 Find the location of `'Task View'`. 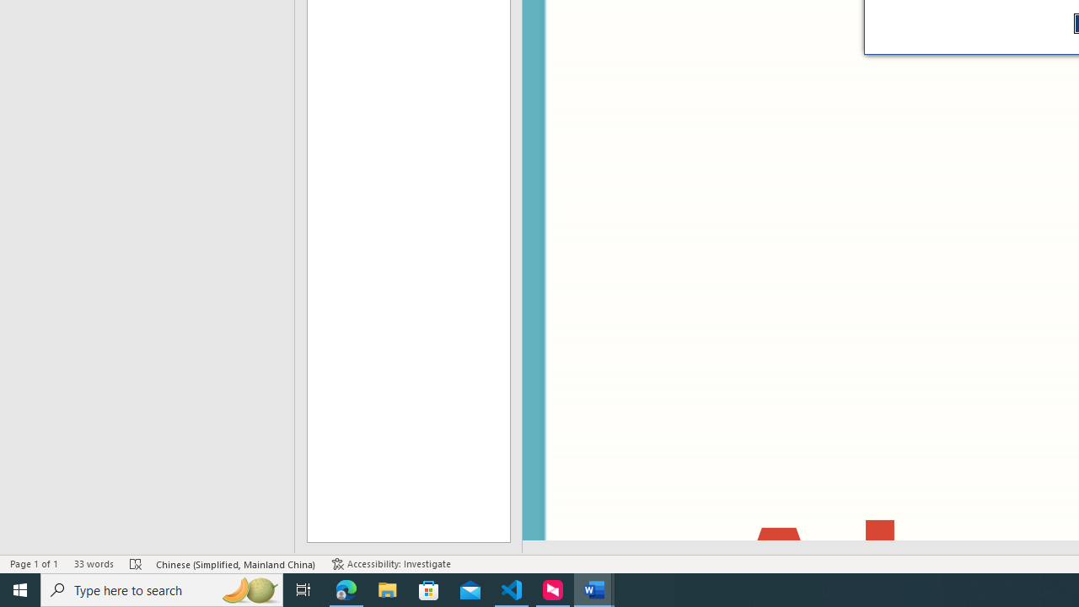

'Task View' is located at coordinates (303, 588).